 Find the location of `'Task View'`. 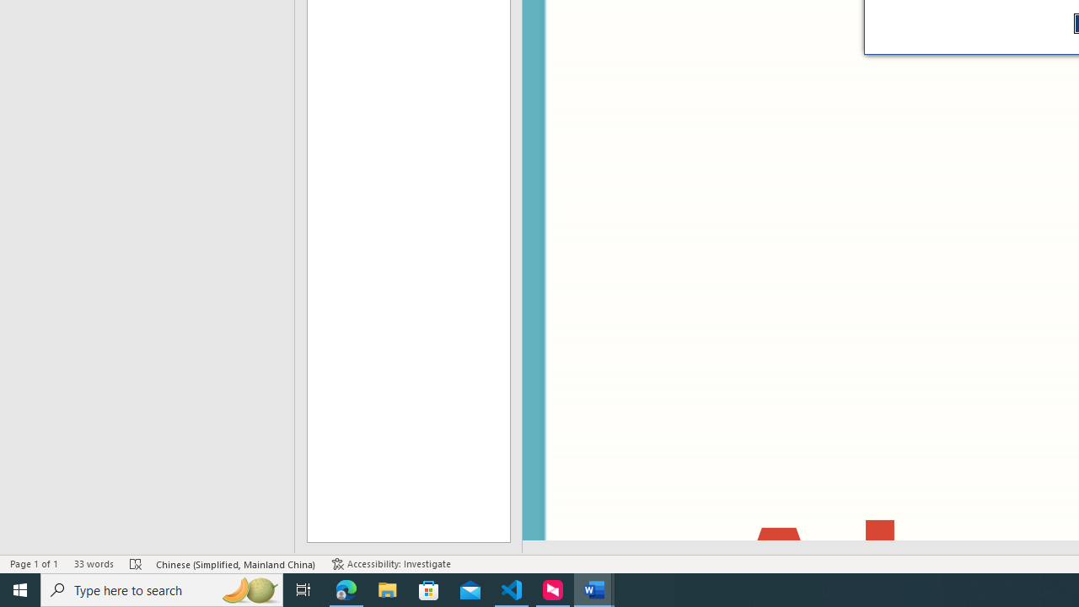

'Task View' is located at coordinates (303, 588).